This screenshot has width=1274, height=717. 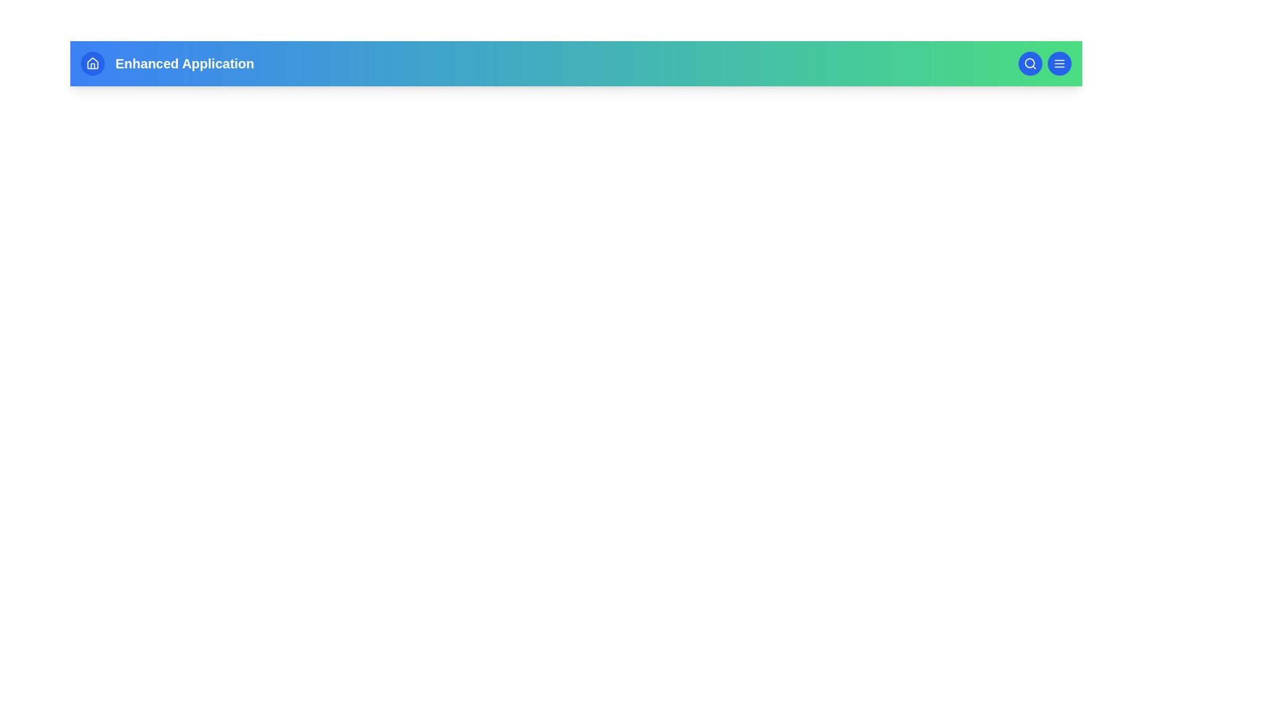 I want to click on the circular blue button with a white house icon located on the left side of the top bar, so click(x=92, y=64).